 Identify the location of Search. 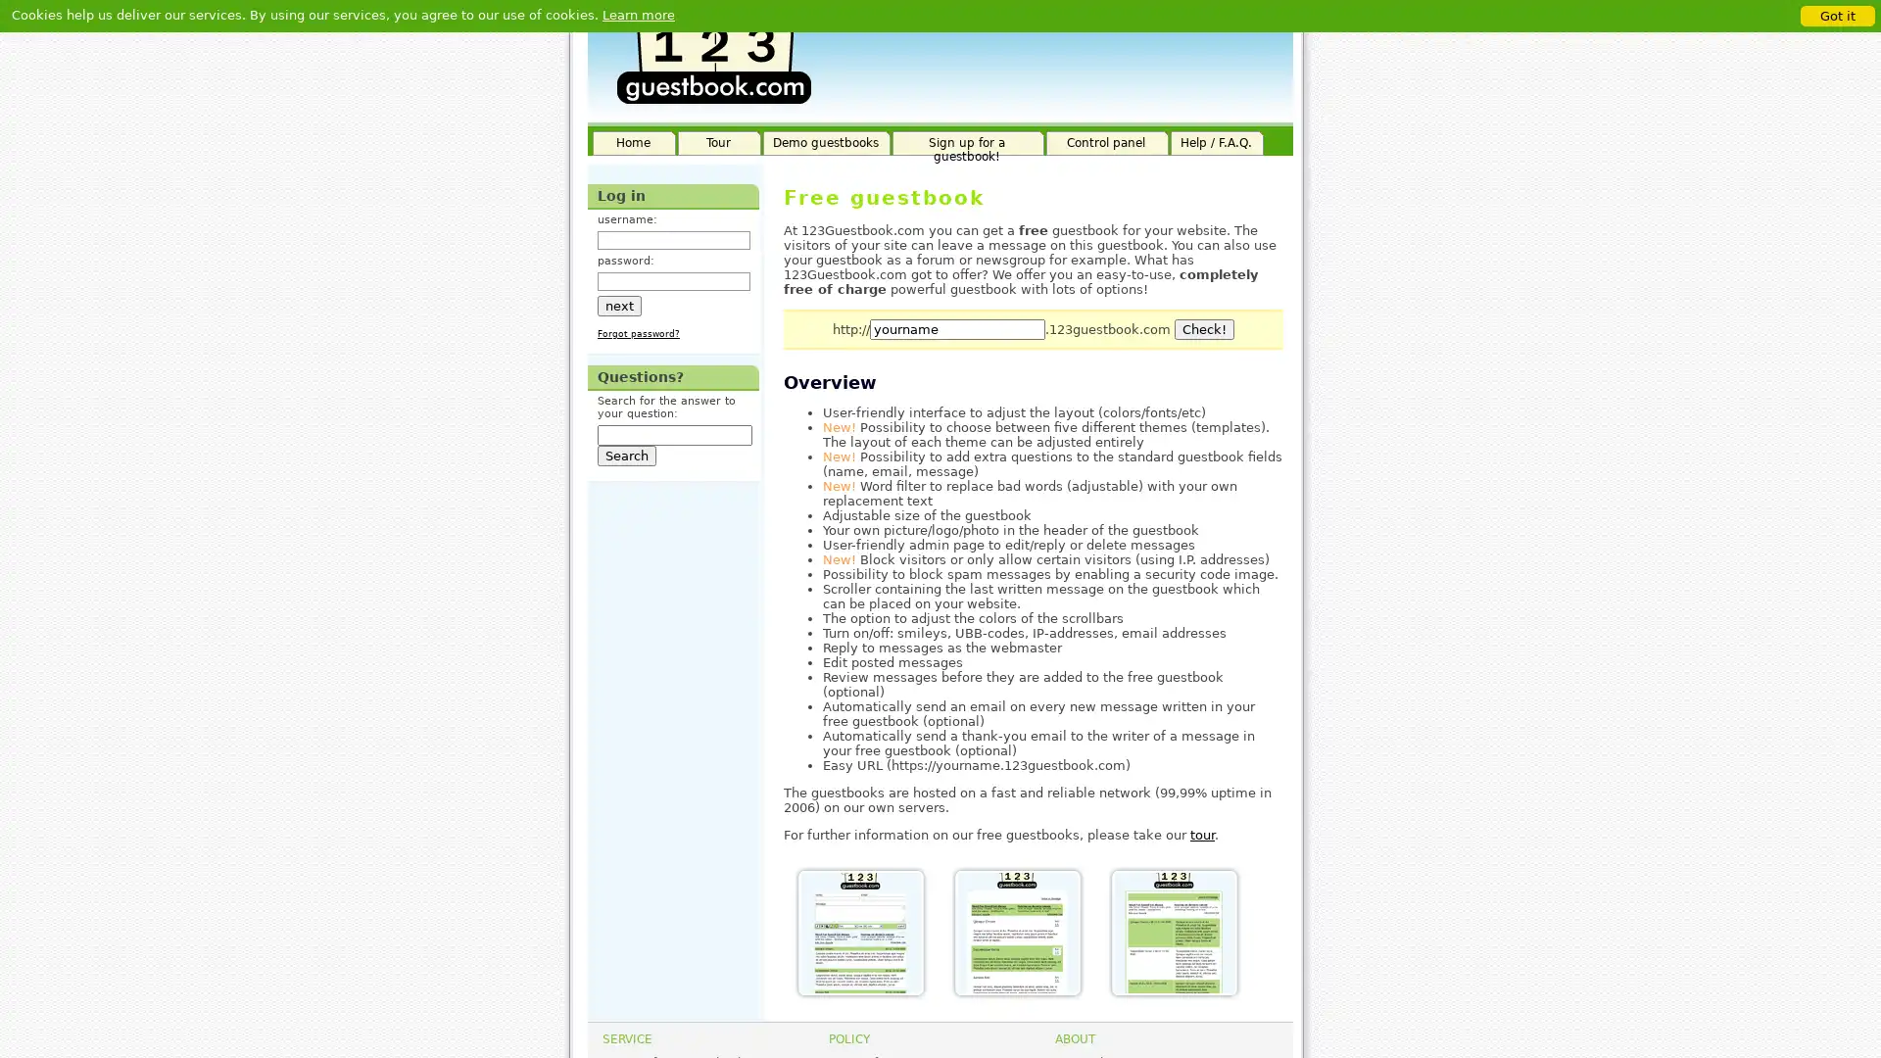
(625, 456).